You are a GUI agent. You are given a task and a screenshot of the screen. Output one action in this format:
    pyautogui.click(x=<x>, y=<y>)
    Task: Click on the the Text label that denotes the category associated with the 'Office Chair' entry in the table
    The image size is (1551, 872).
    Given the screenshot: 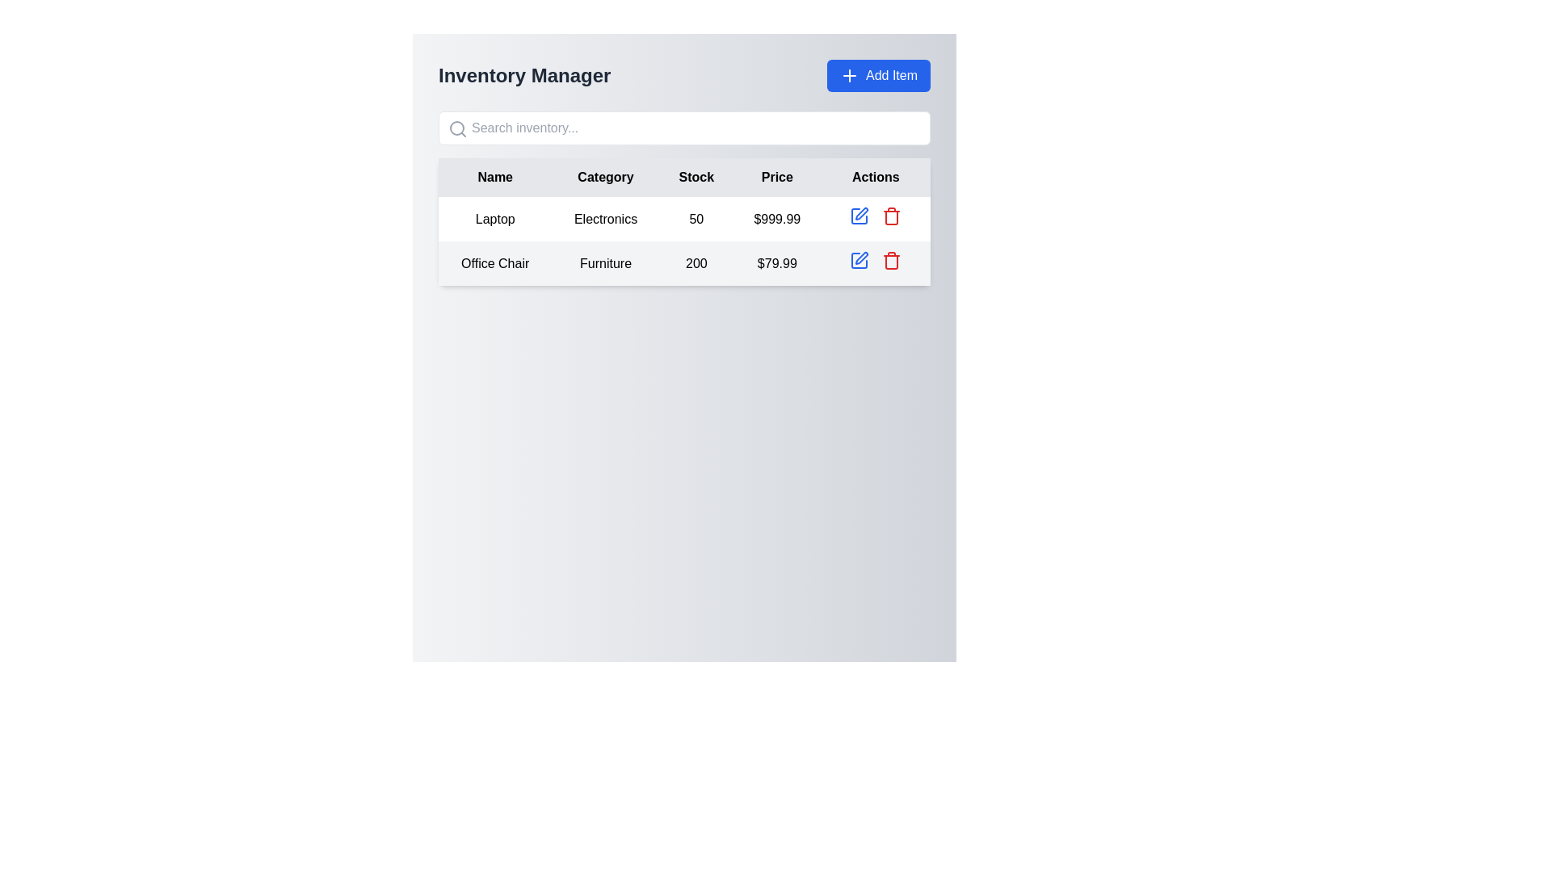 What is the action you would take?
    pyautogui.click(x=605, y=262)
    